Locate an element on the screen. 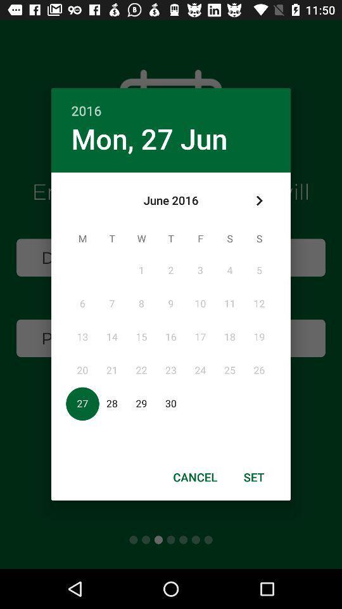 The image size is (342, 609). the item below 2016 icon is located at coordinates (258, 200).